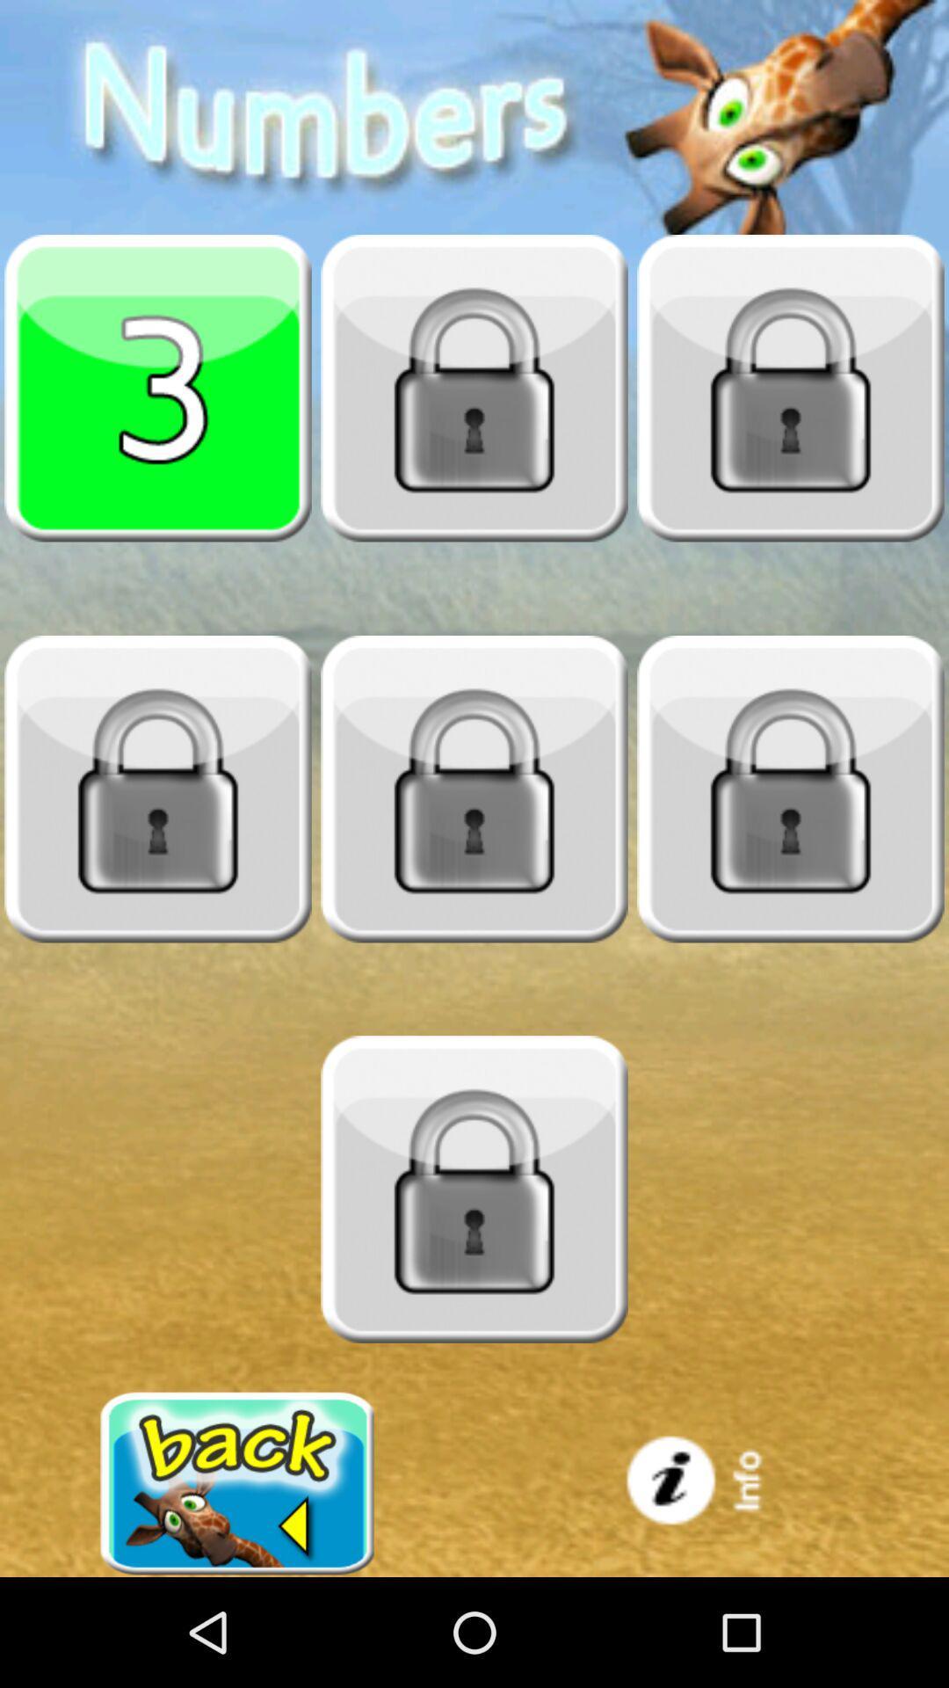 The width and height of the screenshot is (949, 1688). Describe the element at coordinates (158, 788) in the screenshot. I see `locked level` at that location.